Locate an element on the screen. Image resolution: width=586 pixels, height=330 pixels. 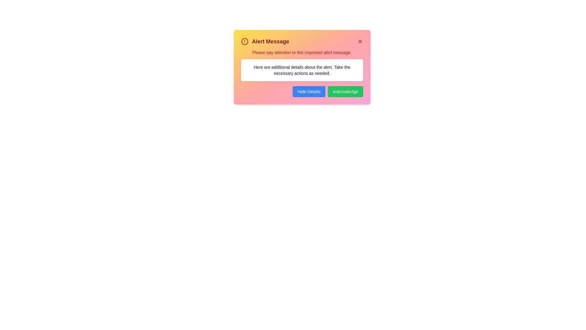
the close button to close the notification is located at coordinates (360, 41).